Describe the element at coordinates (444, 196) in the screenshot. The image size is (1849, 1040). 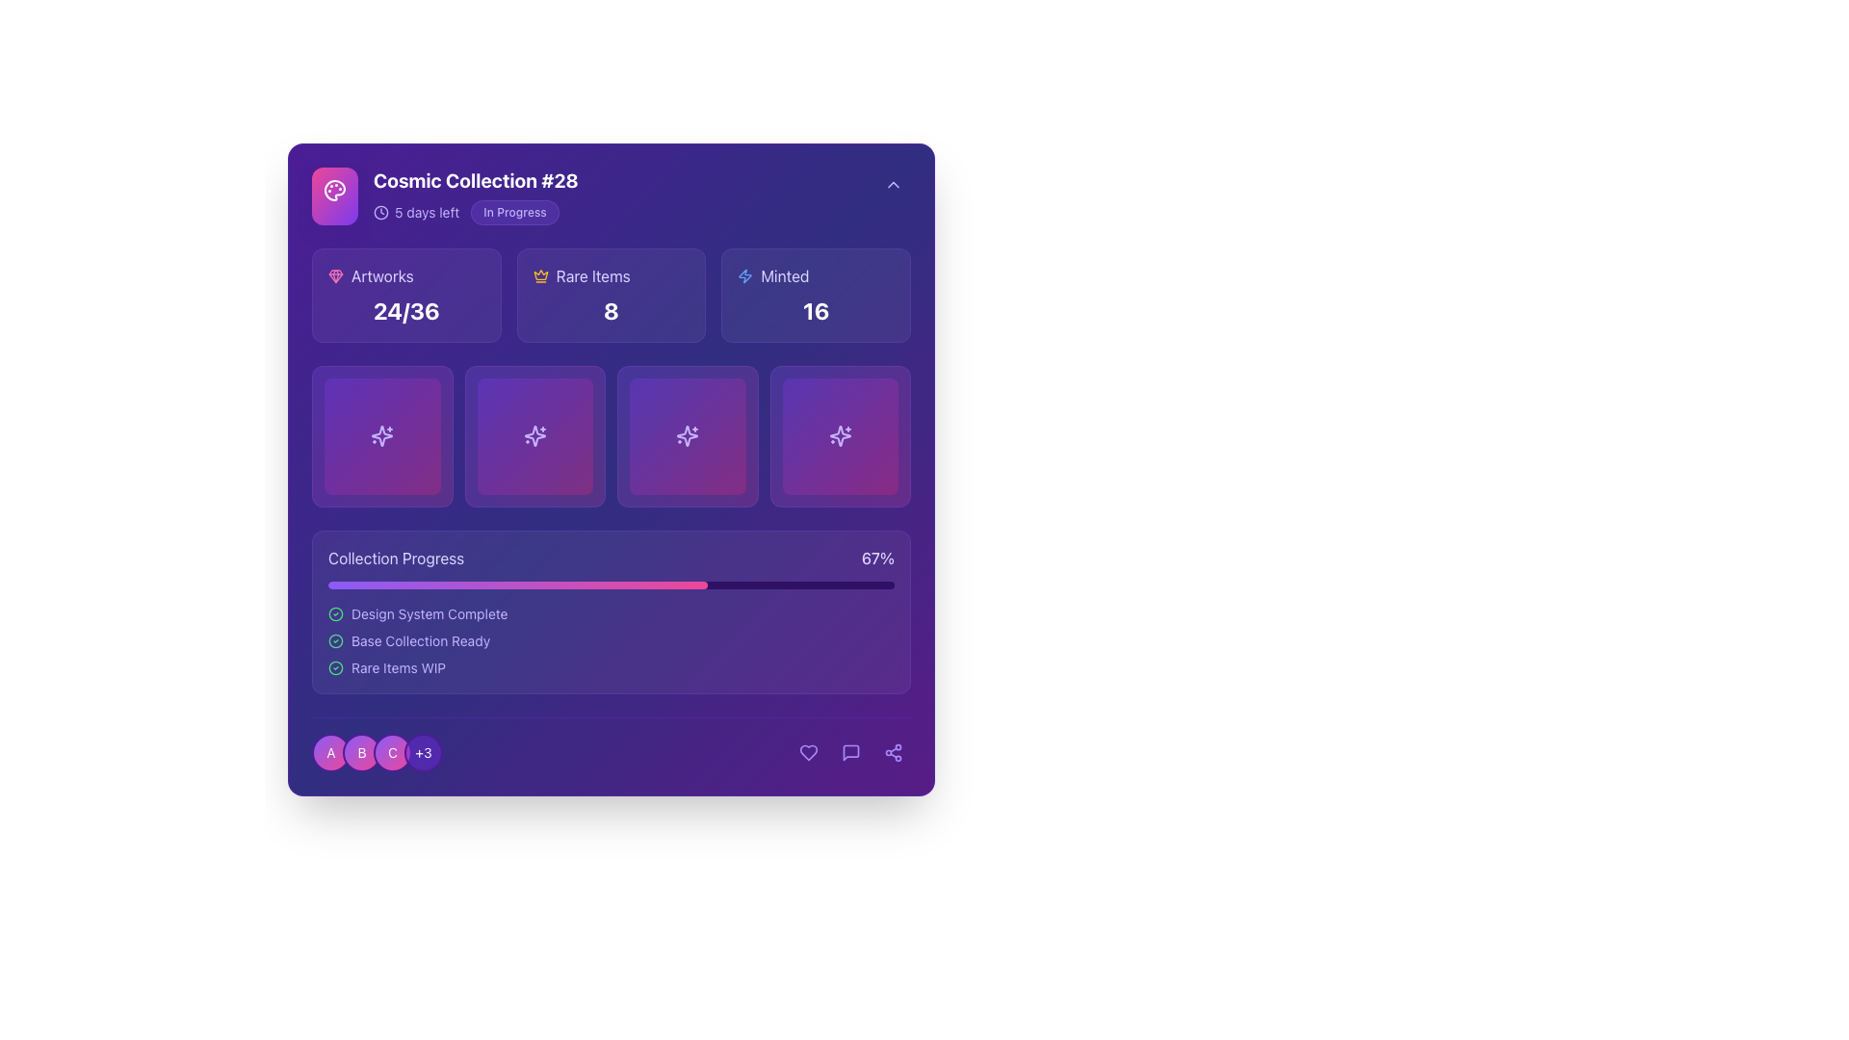
I see `the Composite card element displaying 'Cosmic Collection #28' with an 'In Progress' badge` at that location.